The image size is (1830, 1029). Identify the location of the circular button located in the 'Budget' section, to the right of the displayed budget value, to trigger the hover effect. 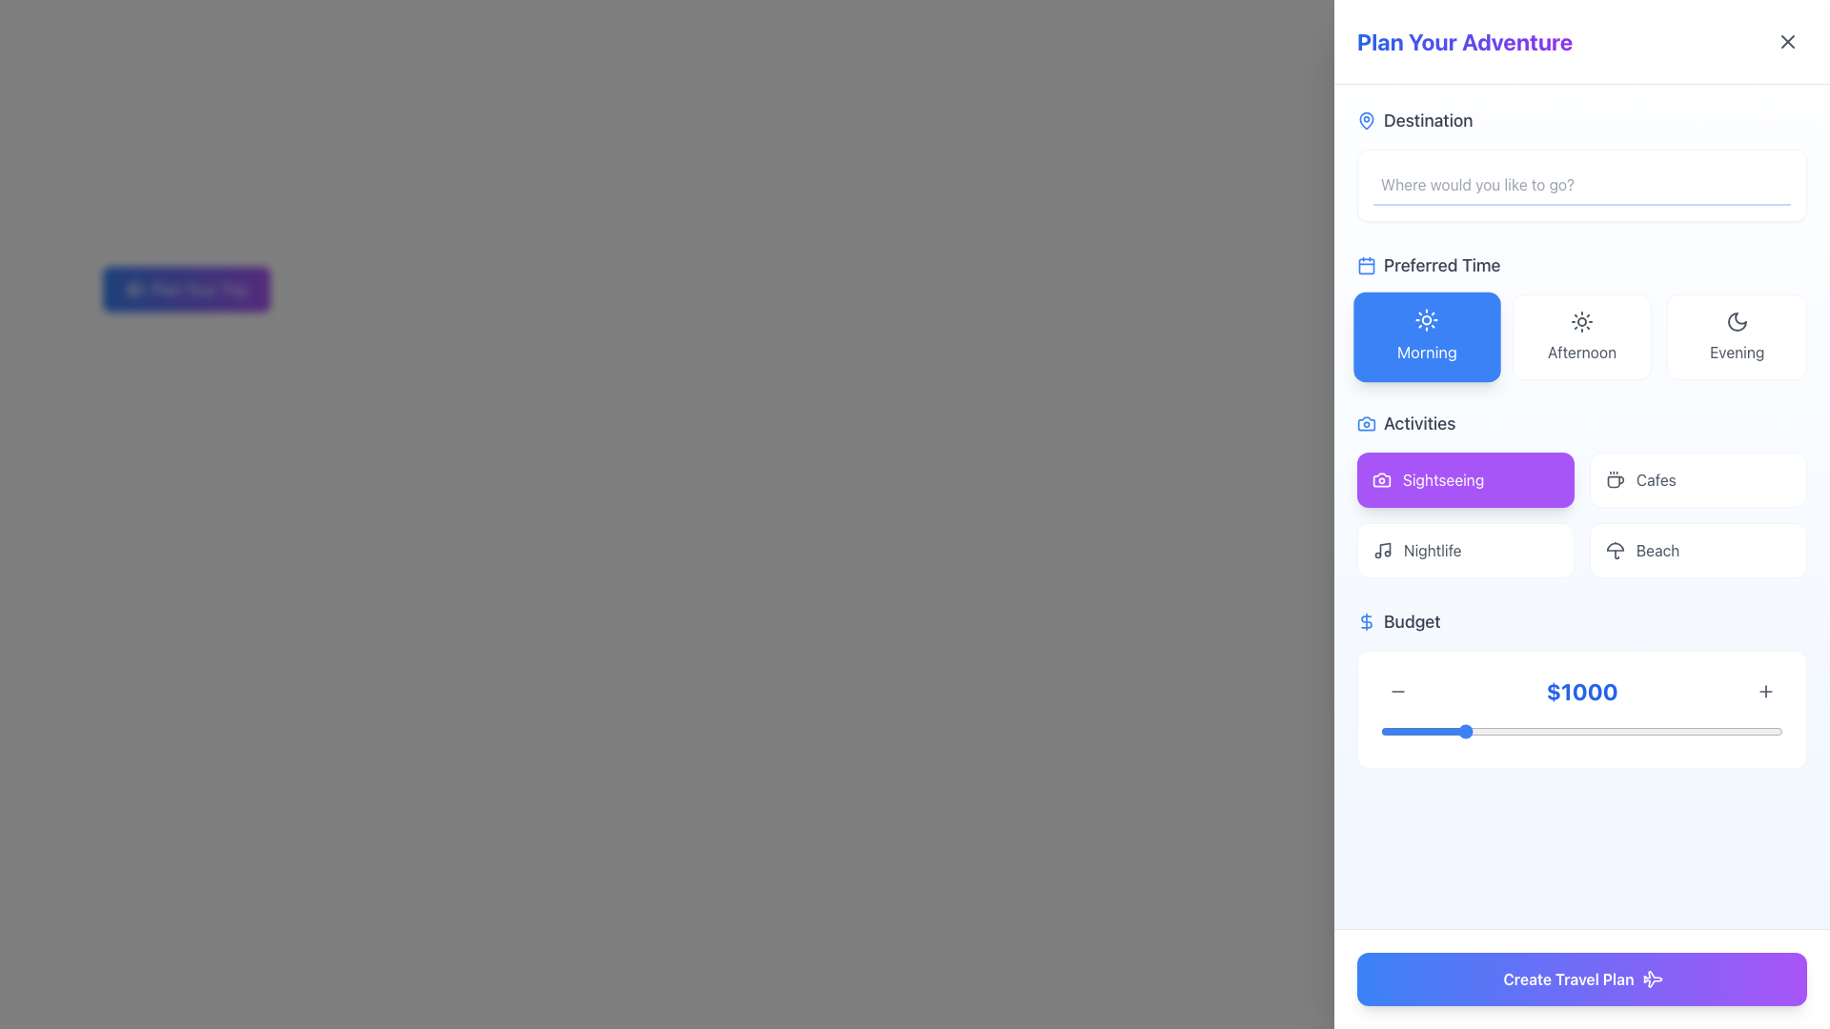
(1764, 691).